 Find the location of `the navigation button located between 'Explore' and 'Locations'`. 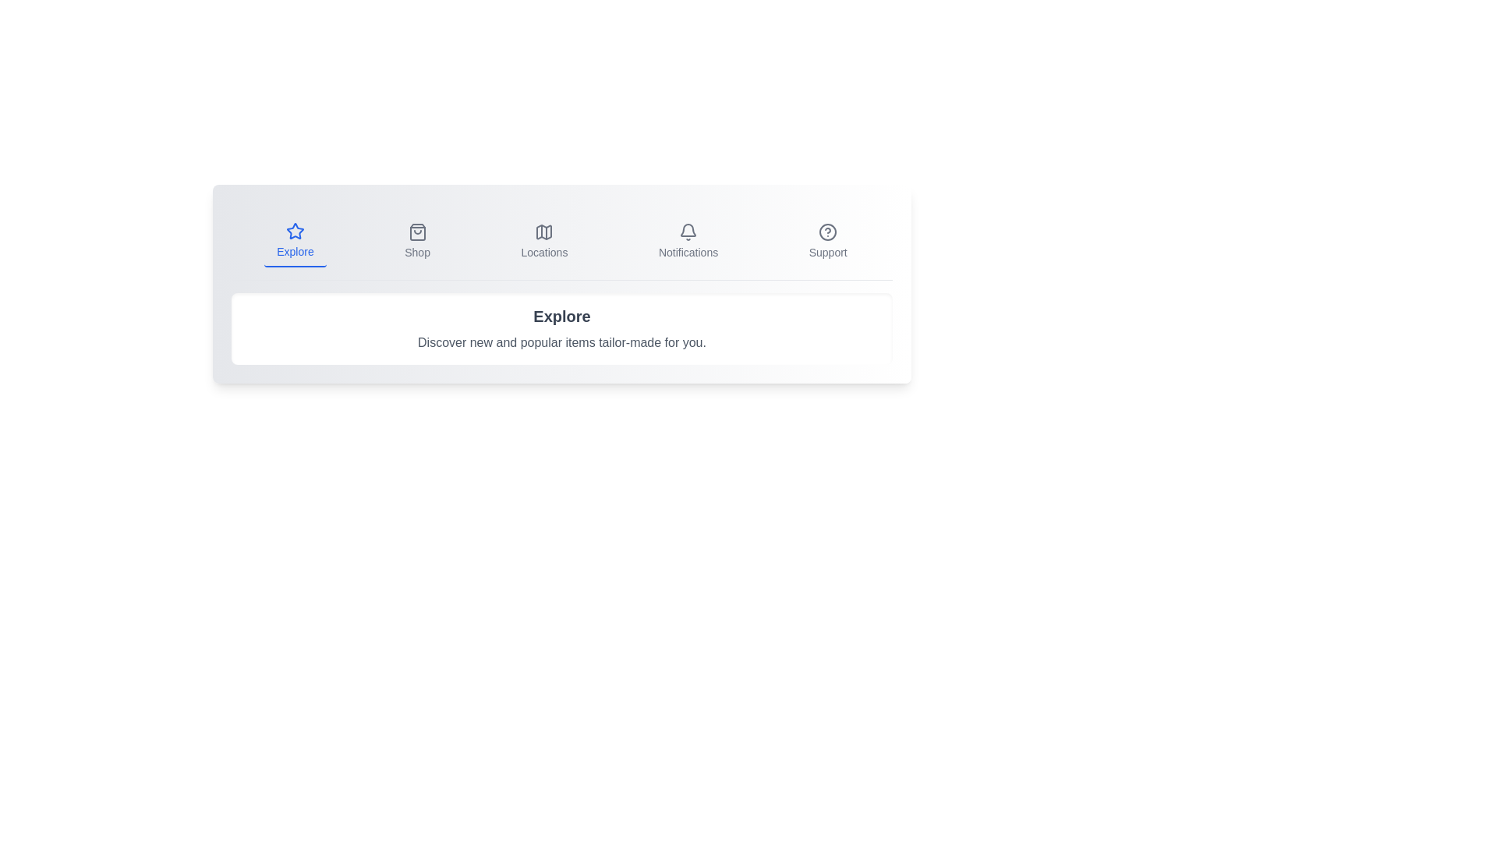

the navigation button located between 'Explore' and 'Locations' is located at coordinates (417, 241).